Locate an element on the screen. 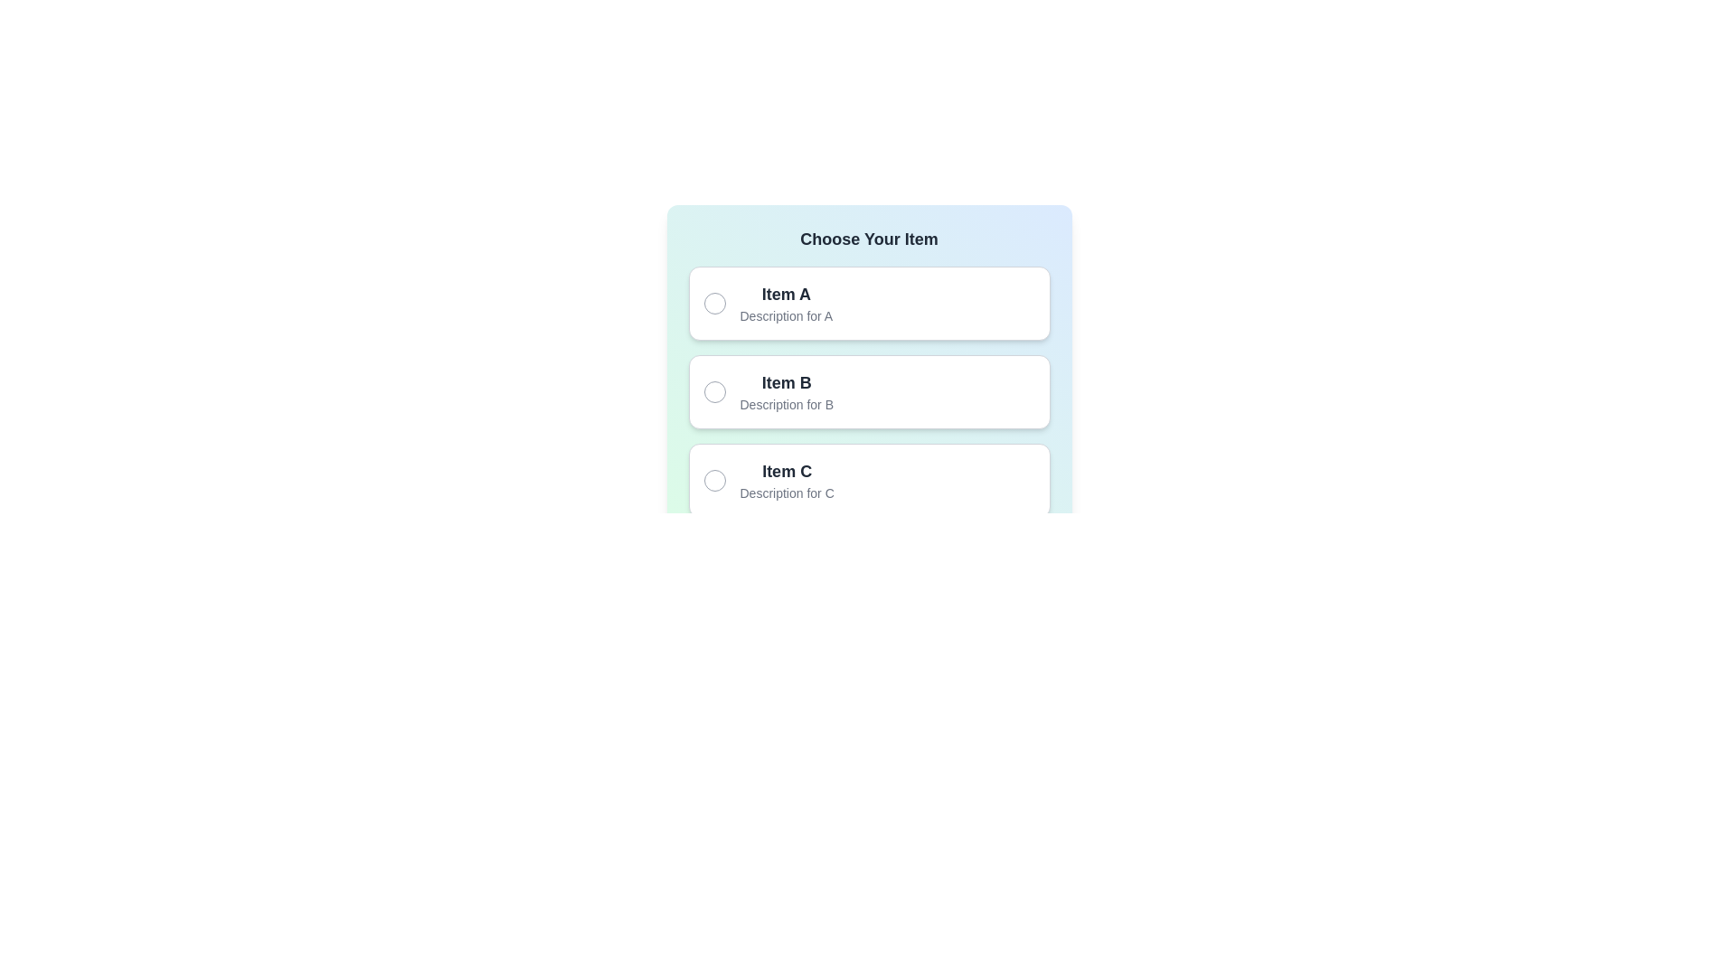 This screenshot has width=1736, height=976. the text label 'Item A' which is rendered in bold font and changes color on hover, located at the top of the list of selectable items is located at coordinates (786, 294).